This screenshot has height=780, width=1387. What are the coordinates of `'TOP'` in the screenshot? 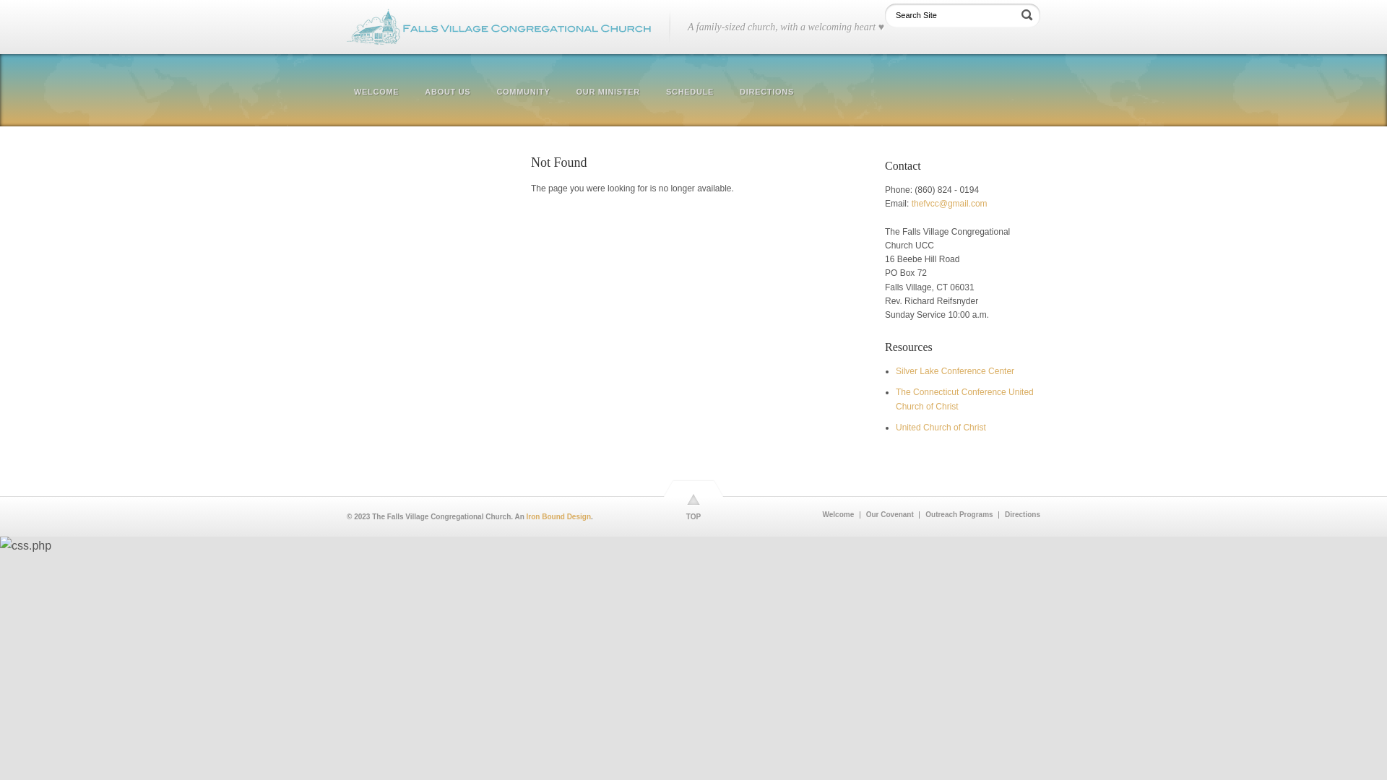 It's located at (693, 506).